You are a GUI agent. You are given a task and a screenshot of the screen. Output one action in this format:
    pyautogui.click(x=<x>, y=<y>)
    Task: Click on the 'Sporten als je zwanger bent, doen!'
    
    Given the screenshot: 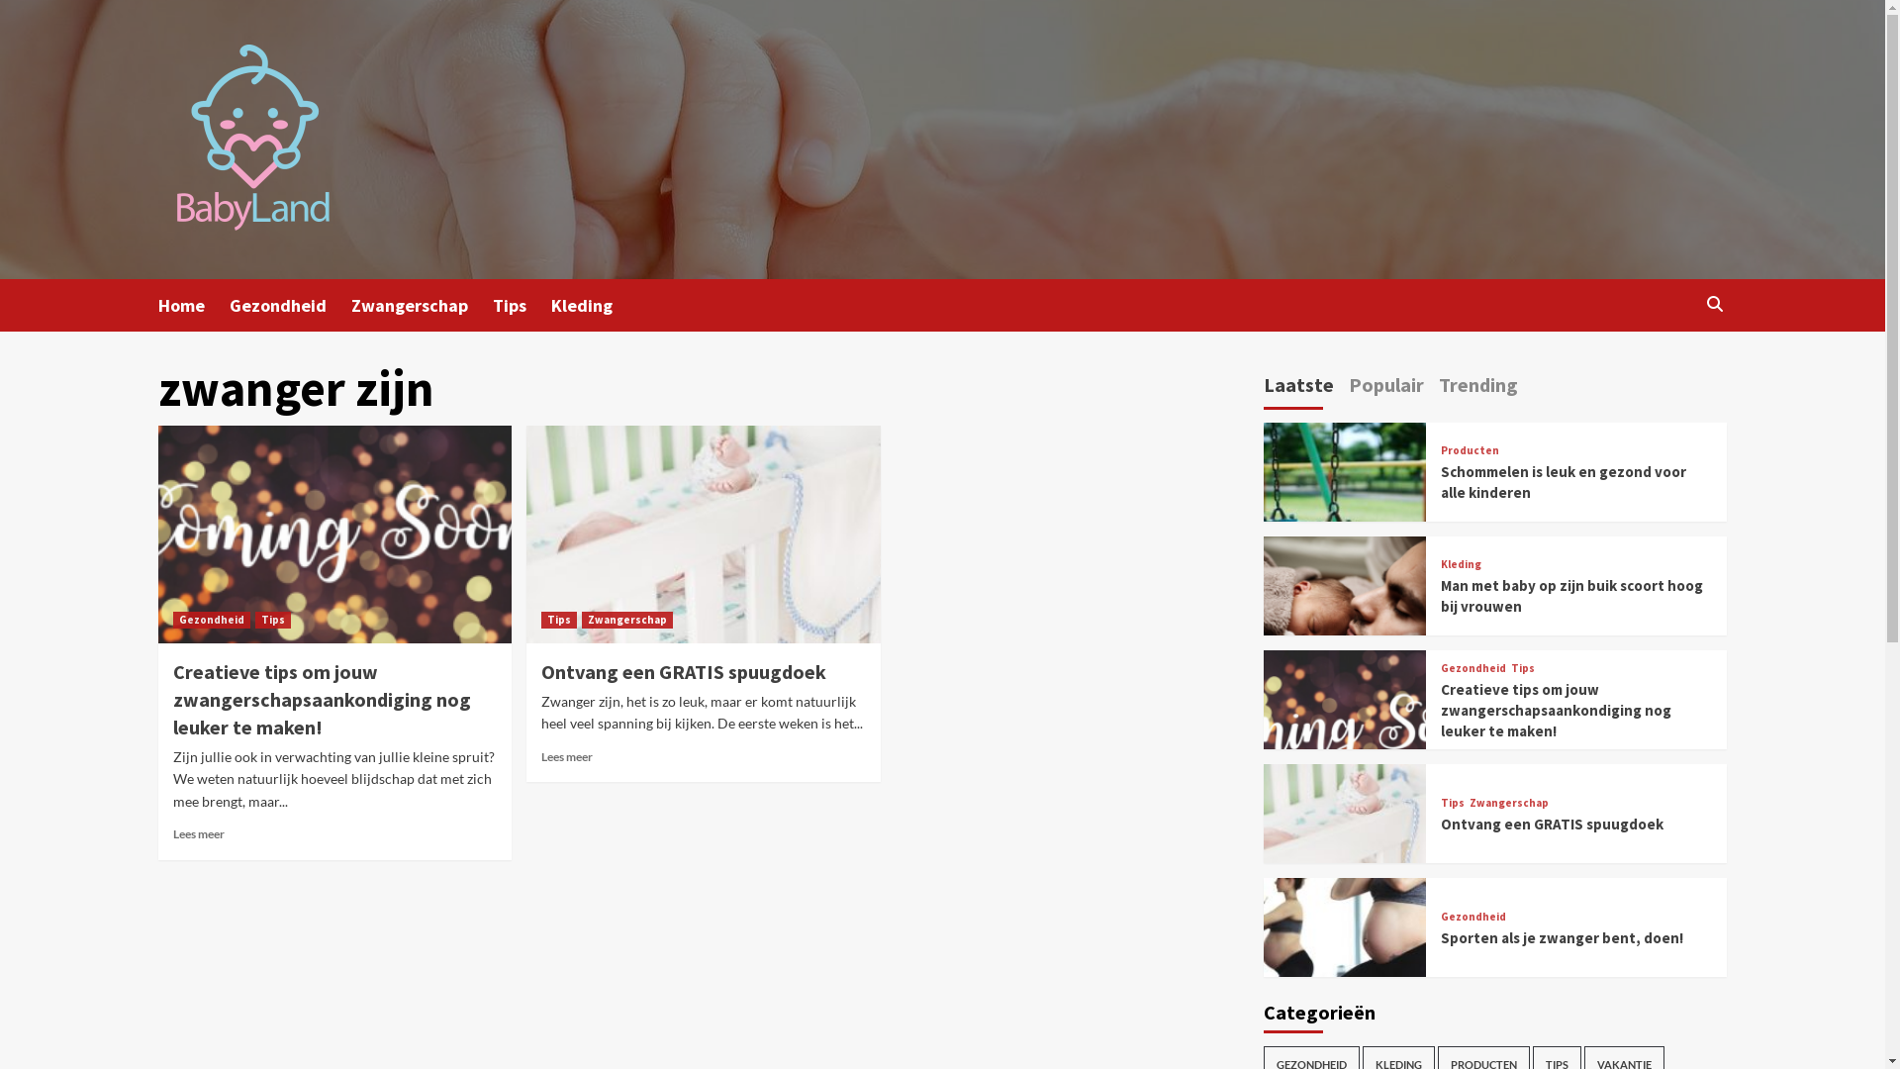 What is the action you would take?
    pyautogui.click(x=1561, y=936)
    